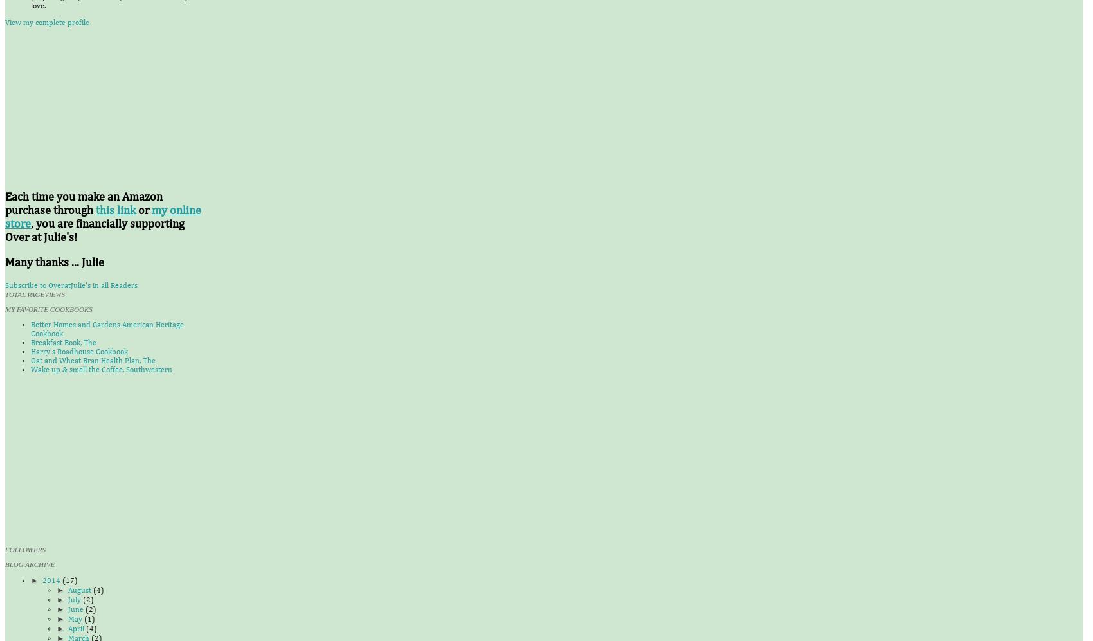 This screenshot has height=641, width=1093. What do you see at coordinates (94, 230) in the screenshot?
I see `', you are financially supporting Over at Julie's!'` at bounding box center [94, 230].